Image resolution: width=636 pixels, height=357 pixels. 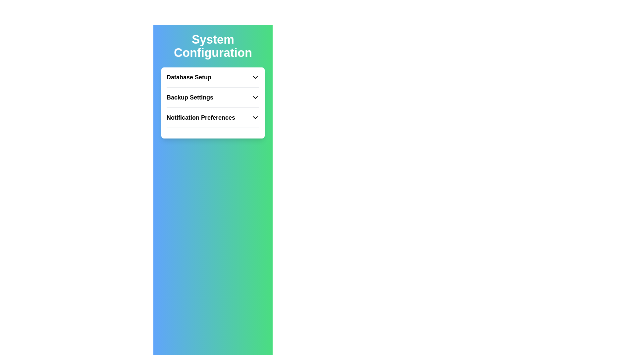 I want to click on the Dropdown indicator icon located at the far right of the 'Database Setup' section, so click(x=255, y=77).